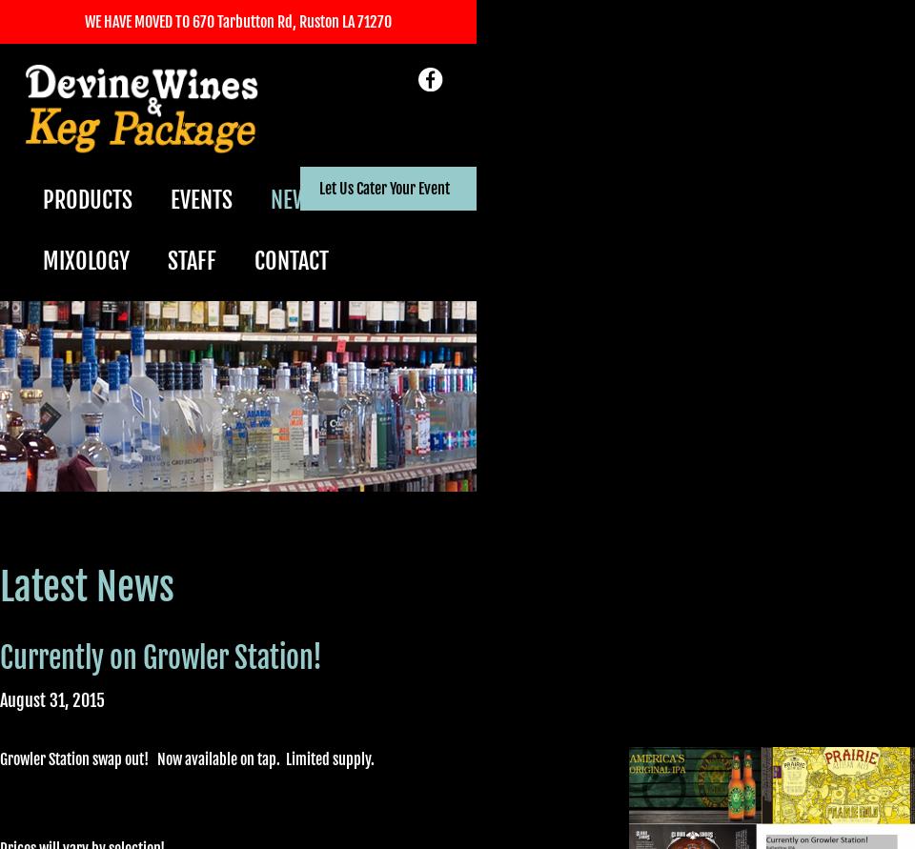 Image resolution: width=915 pixels, height=849 pixels. Describe the element at coordinates (86, 259) in the screenshot. I see `'MIXOLOGY'` at that location.